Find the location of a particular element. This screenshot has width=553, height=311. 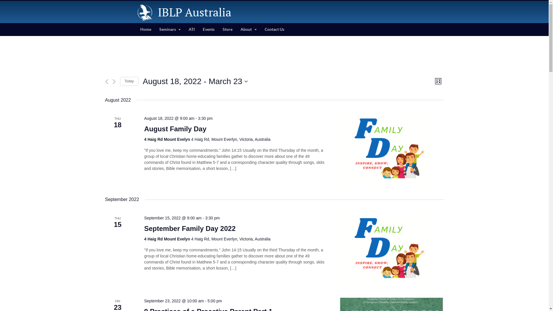

'Next Events' is located at coordinates (114, 81).